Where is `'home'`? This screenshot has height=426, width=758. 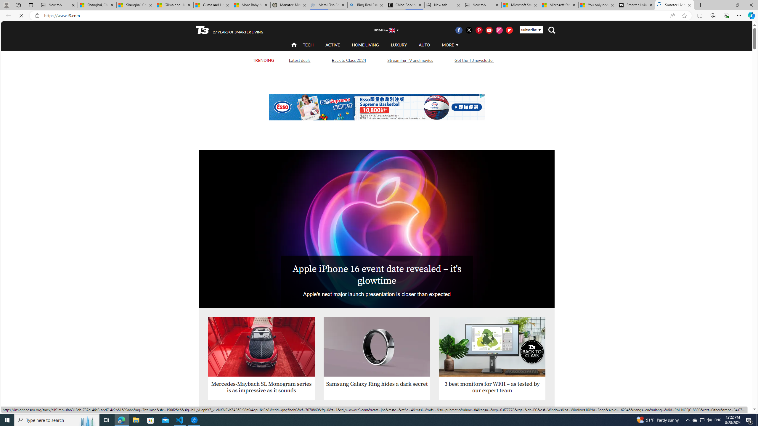
'home' is located at coordinates (294, 45).